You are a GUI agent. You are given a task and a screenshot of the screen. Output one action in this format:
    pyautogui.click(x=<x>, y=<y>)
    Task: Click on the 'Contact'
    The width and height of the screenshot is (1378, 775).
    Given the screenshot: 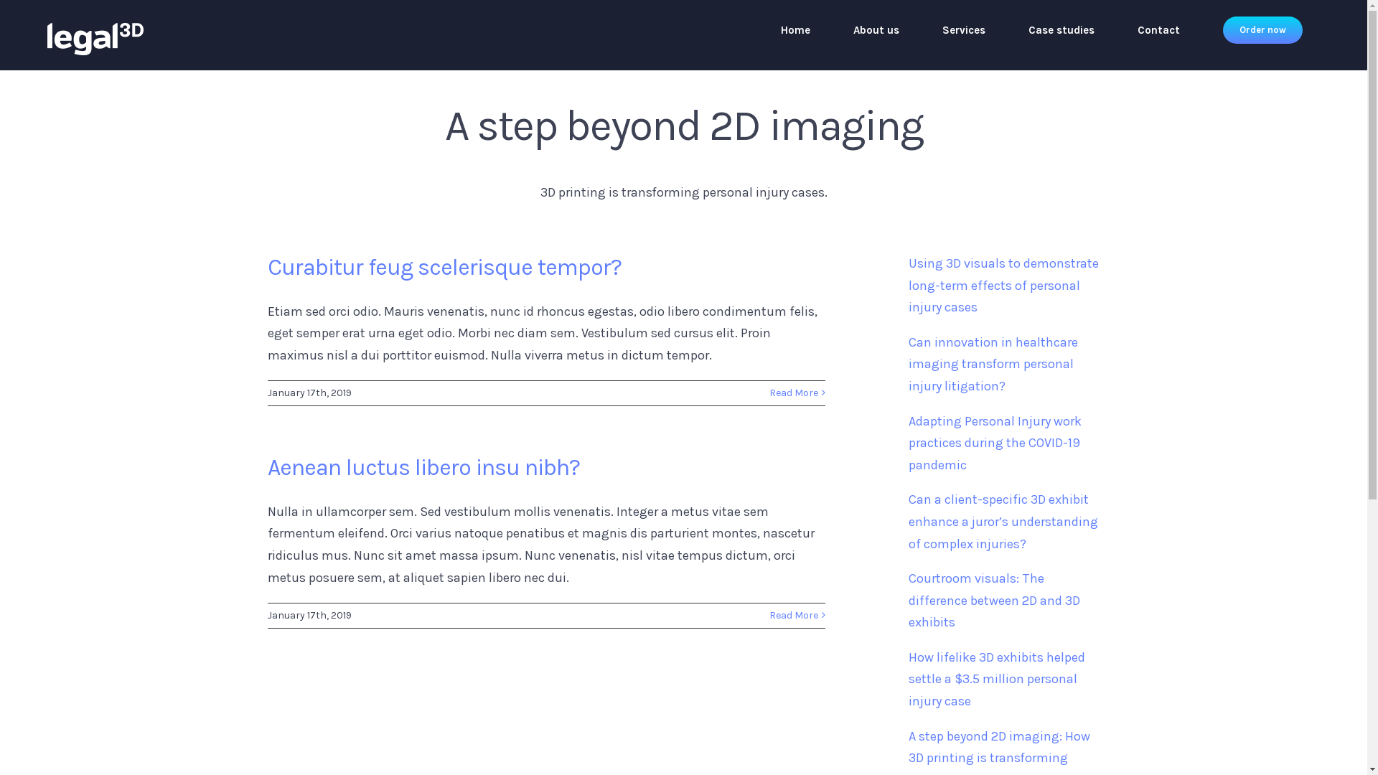 What is the action you would take?
    pyautogui.click(x=1158, y=30)
    